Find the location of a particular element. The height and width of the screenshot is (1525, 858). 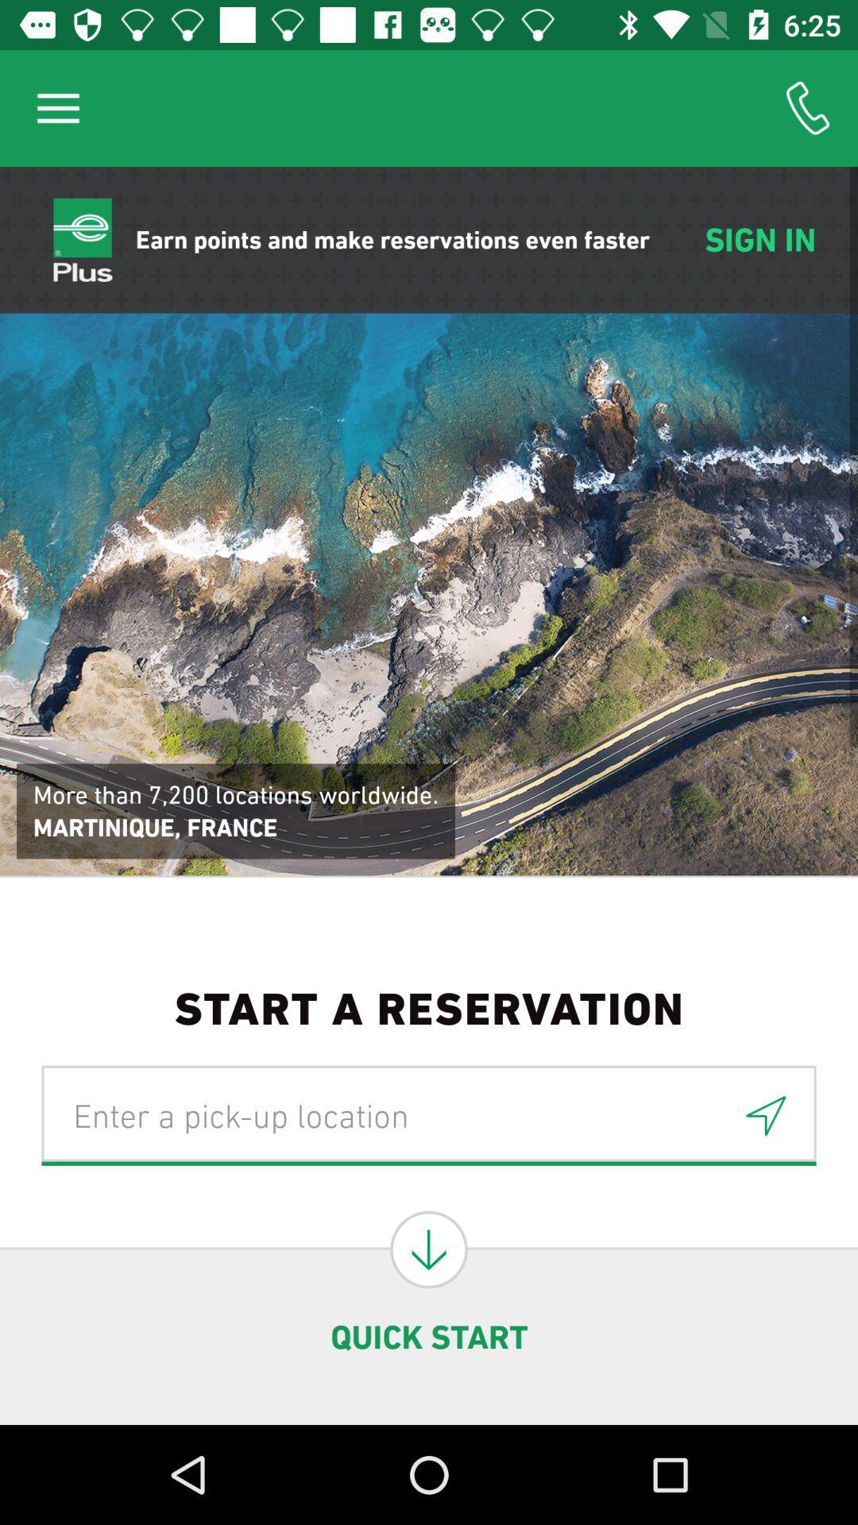

the item next to earn points and icon is located at coordinates (57, 107).